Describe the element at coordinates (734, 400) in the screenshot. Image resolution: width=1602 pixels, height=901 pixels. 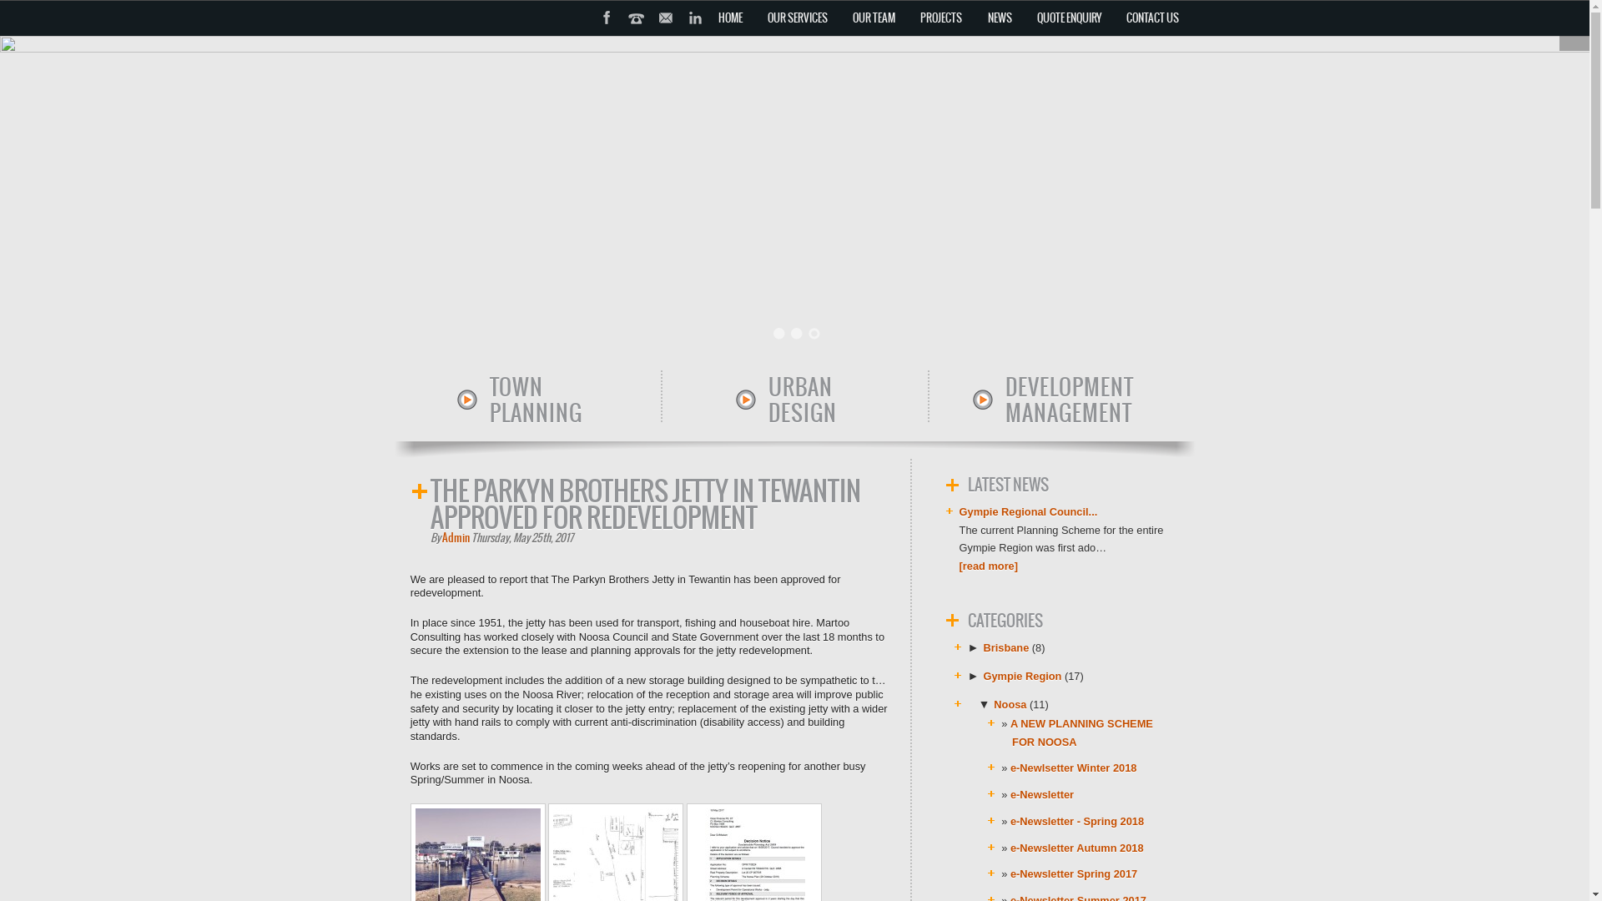
I see `'URBAN` at that location.